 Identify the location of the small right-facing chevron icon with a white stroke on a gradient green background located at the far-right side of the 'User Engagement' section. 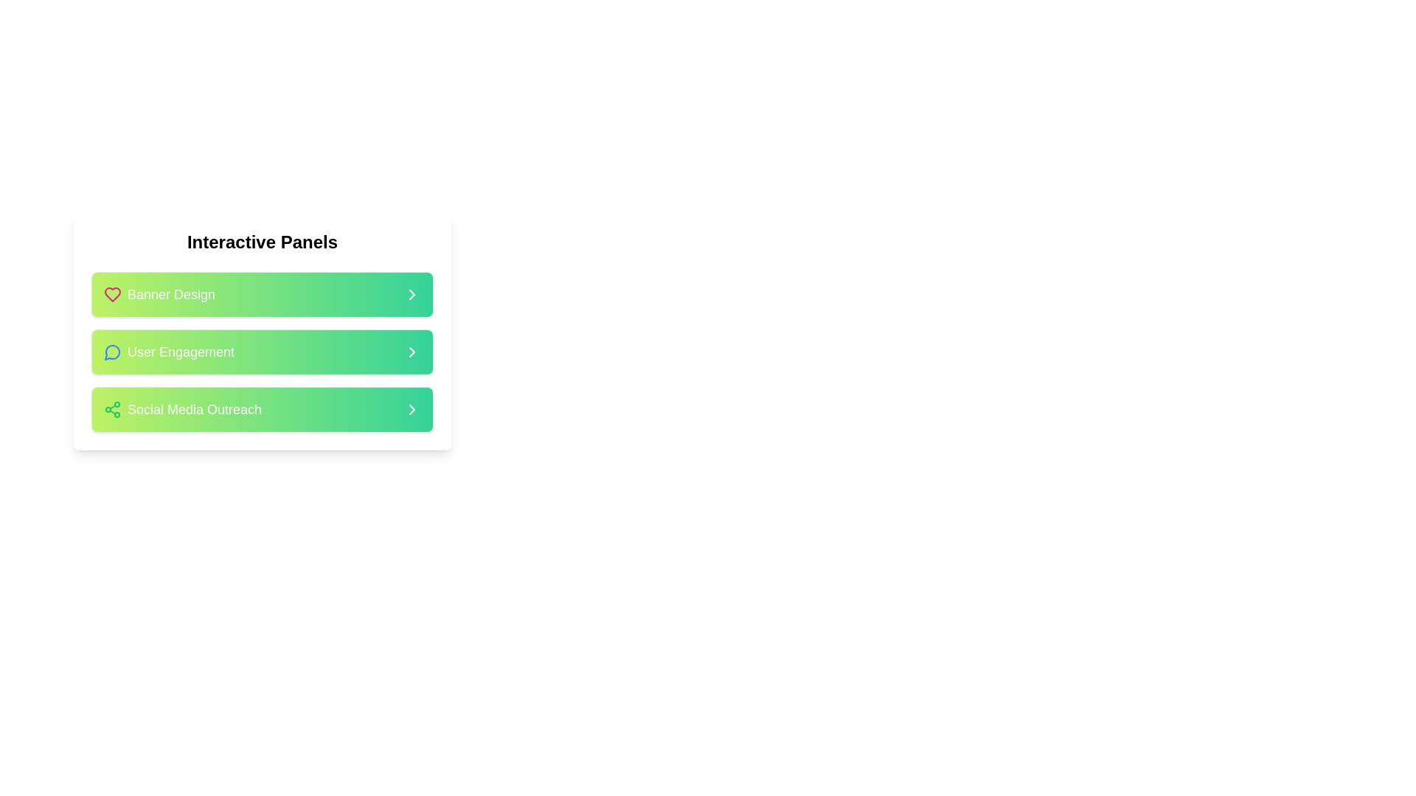
(412, 352).